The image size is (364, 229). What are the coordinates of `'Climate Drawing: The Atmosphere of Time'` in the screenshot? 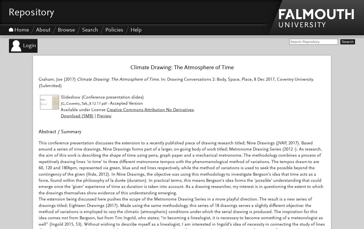 It's located at (182, 68).